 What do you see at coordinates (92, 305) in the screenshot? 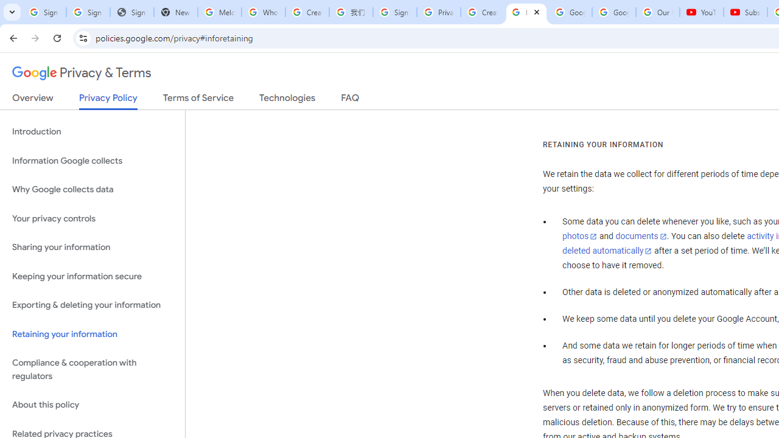
I see `'Exporting & deleting your information'` at bounding box center [92, 305].